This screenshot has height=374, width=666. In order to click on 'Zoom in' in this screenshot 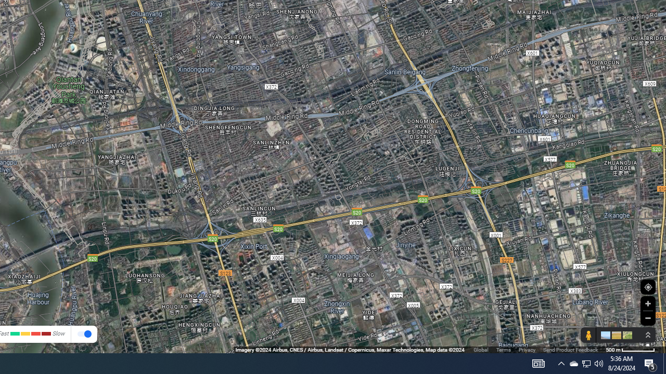, I will do `click(647, 303)`.